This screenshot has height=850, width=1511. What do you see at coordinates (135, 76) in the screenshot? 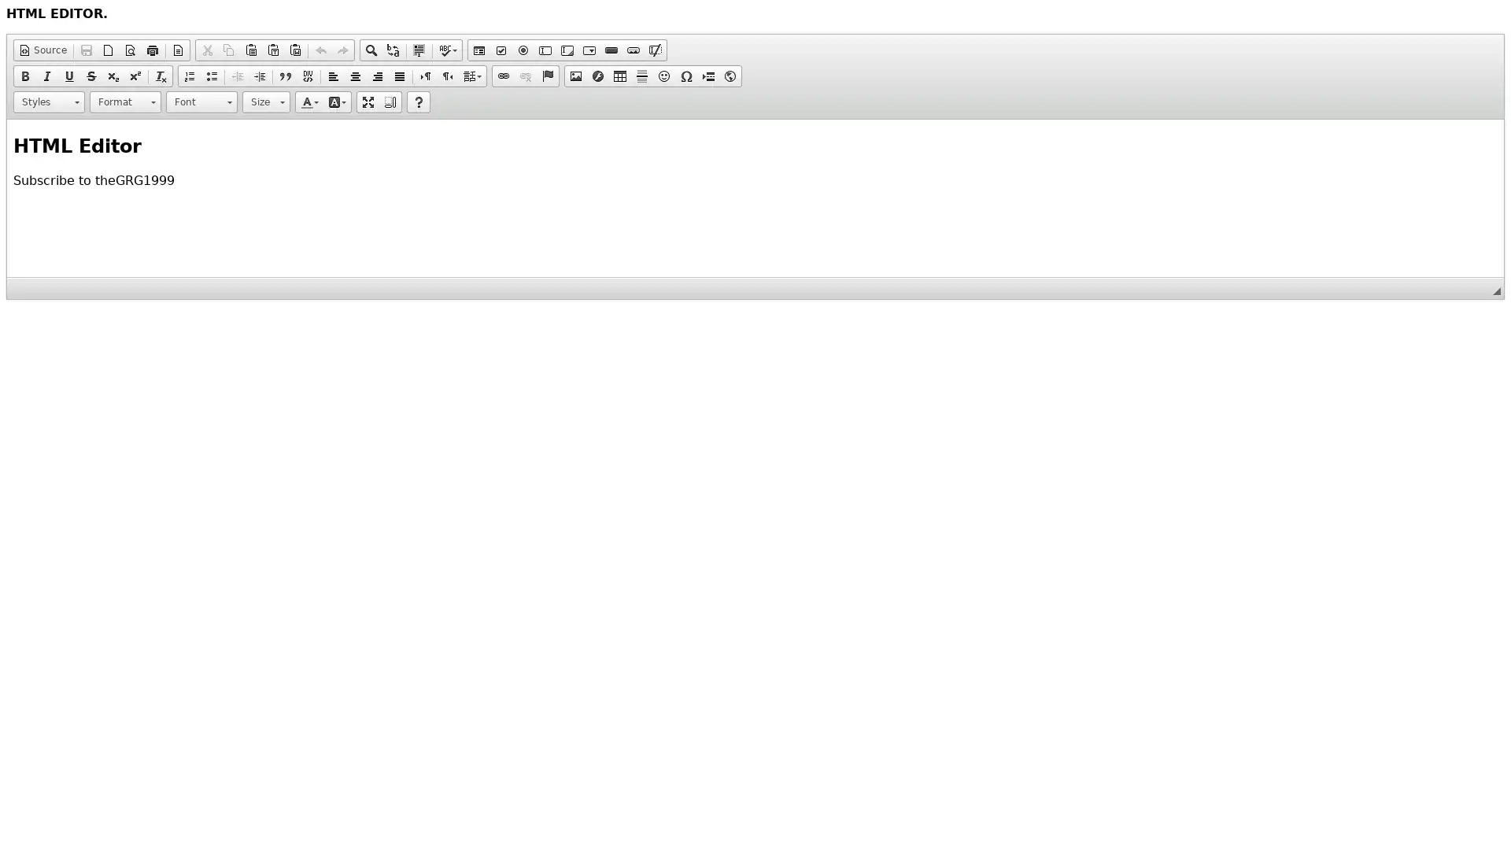
I see `Superscript` at bounding box center [135, 76].